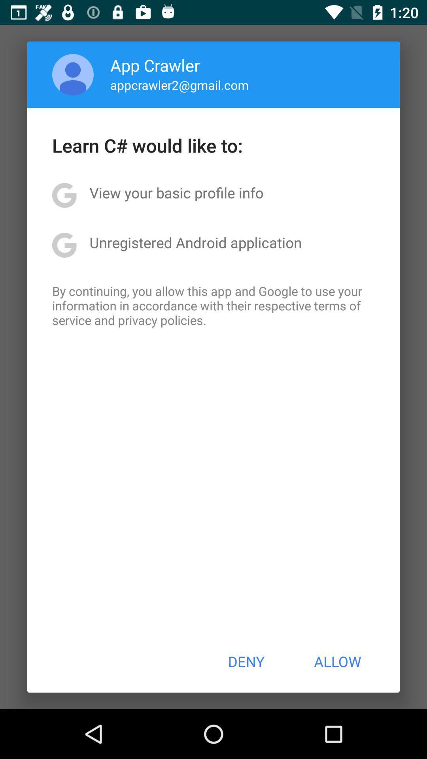 The image size is (427, 759). What do you see at coordinates (179, 85) in the screenshot?
I see `the appcrawler2@gmail.com icon` at bounding box center [179, 85].